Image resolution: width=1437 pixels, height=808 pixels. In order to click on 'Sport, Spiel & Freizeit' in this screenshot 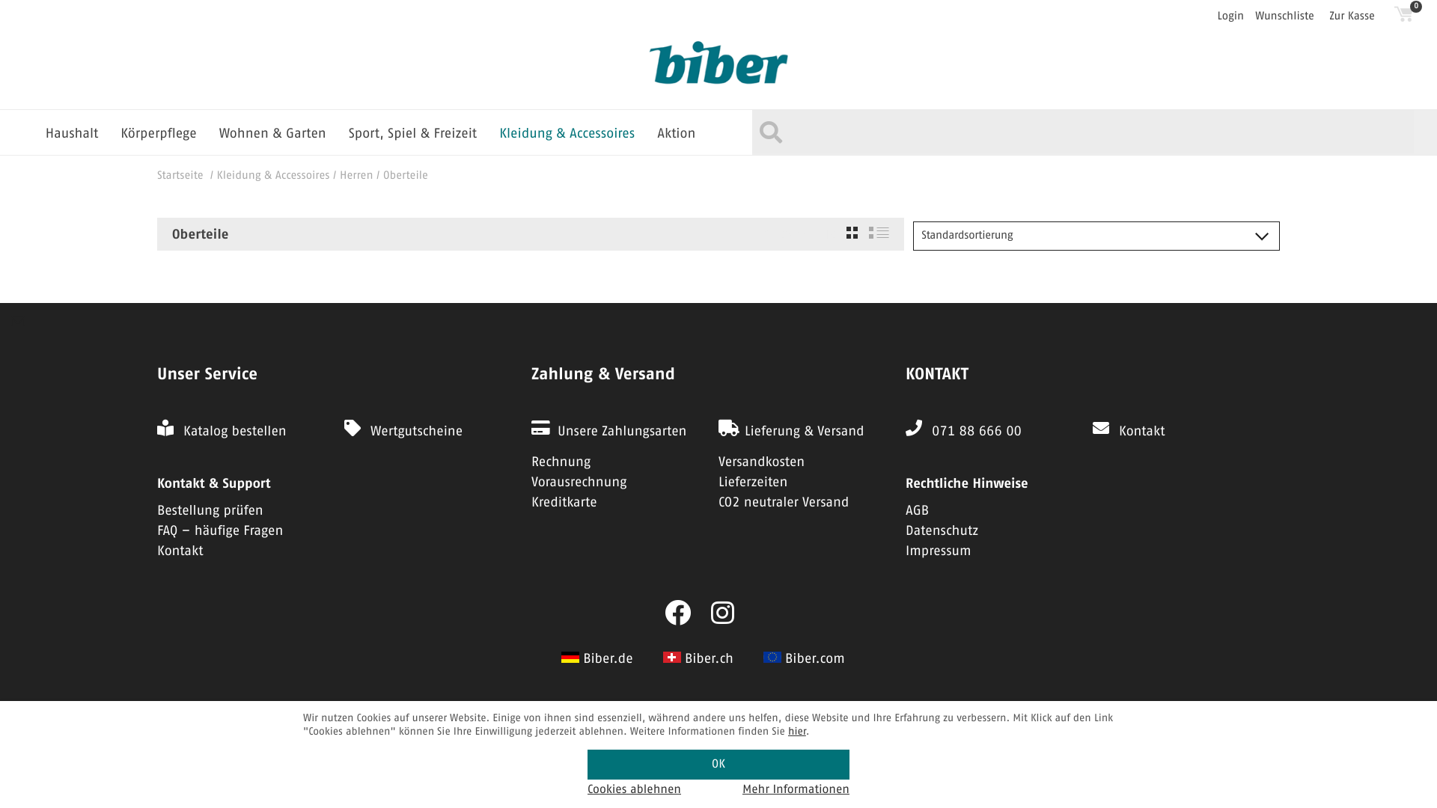, I will do `click(412, 132)`.